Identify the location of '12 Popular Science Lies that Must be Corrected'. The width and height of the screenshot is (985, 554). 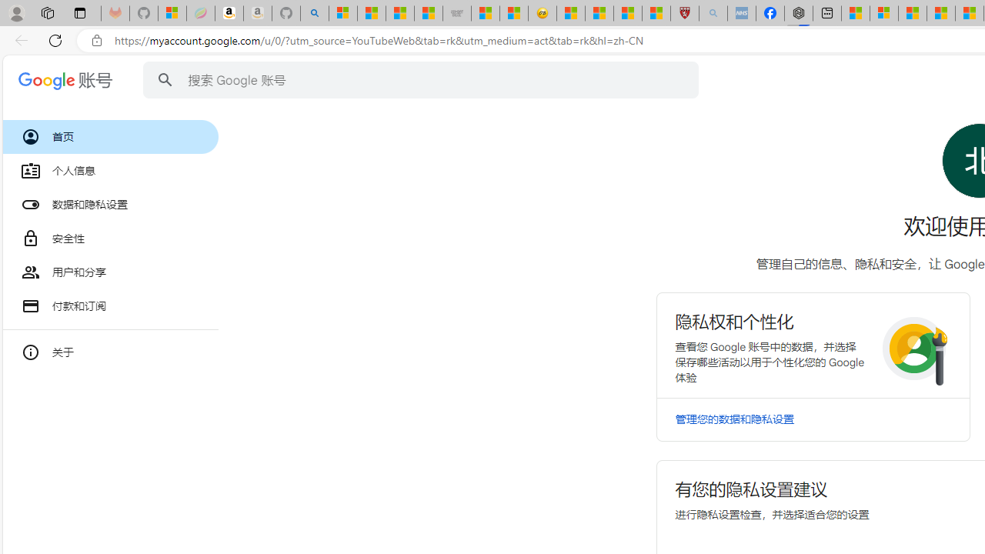
(656, 13).